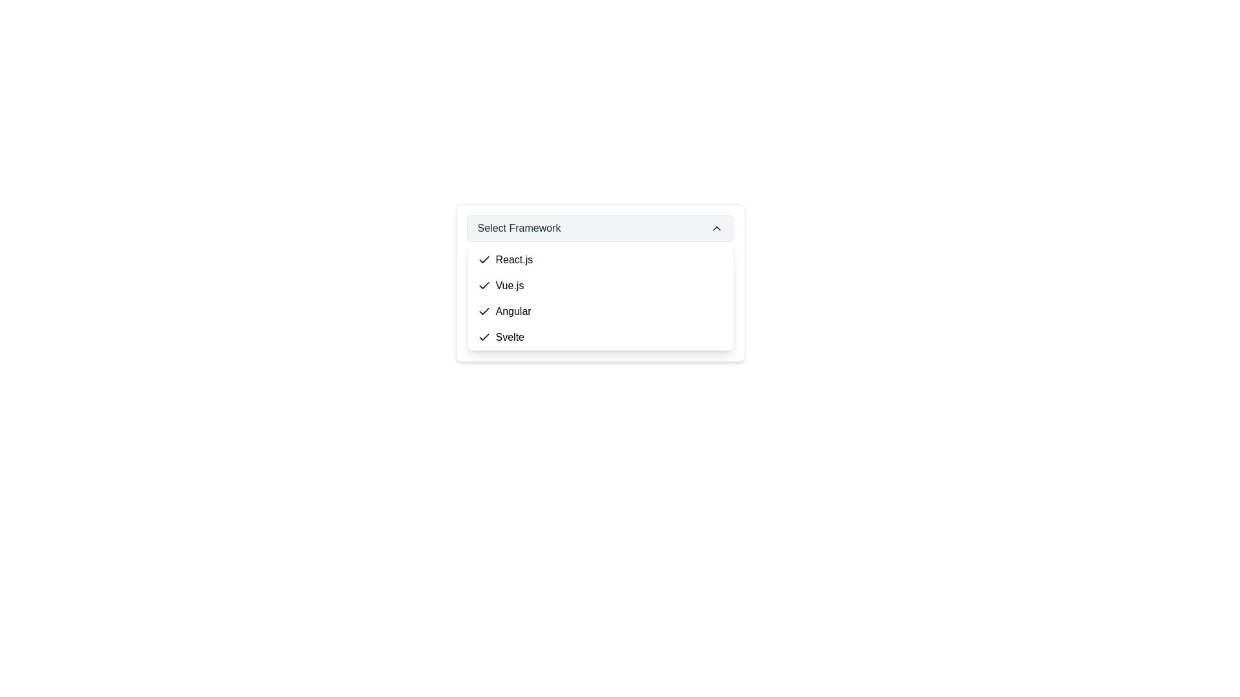 This screenshot has width=1240, height=697. I want to click on the 'Vue.js' dropdown item, which is the second item in the 'Select Framework' dropdown menu, so click(599, 285).